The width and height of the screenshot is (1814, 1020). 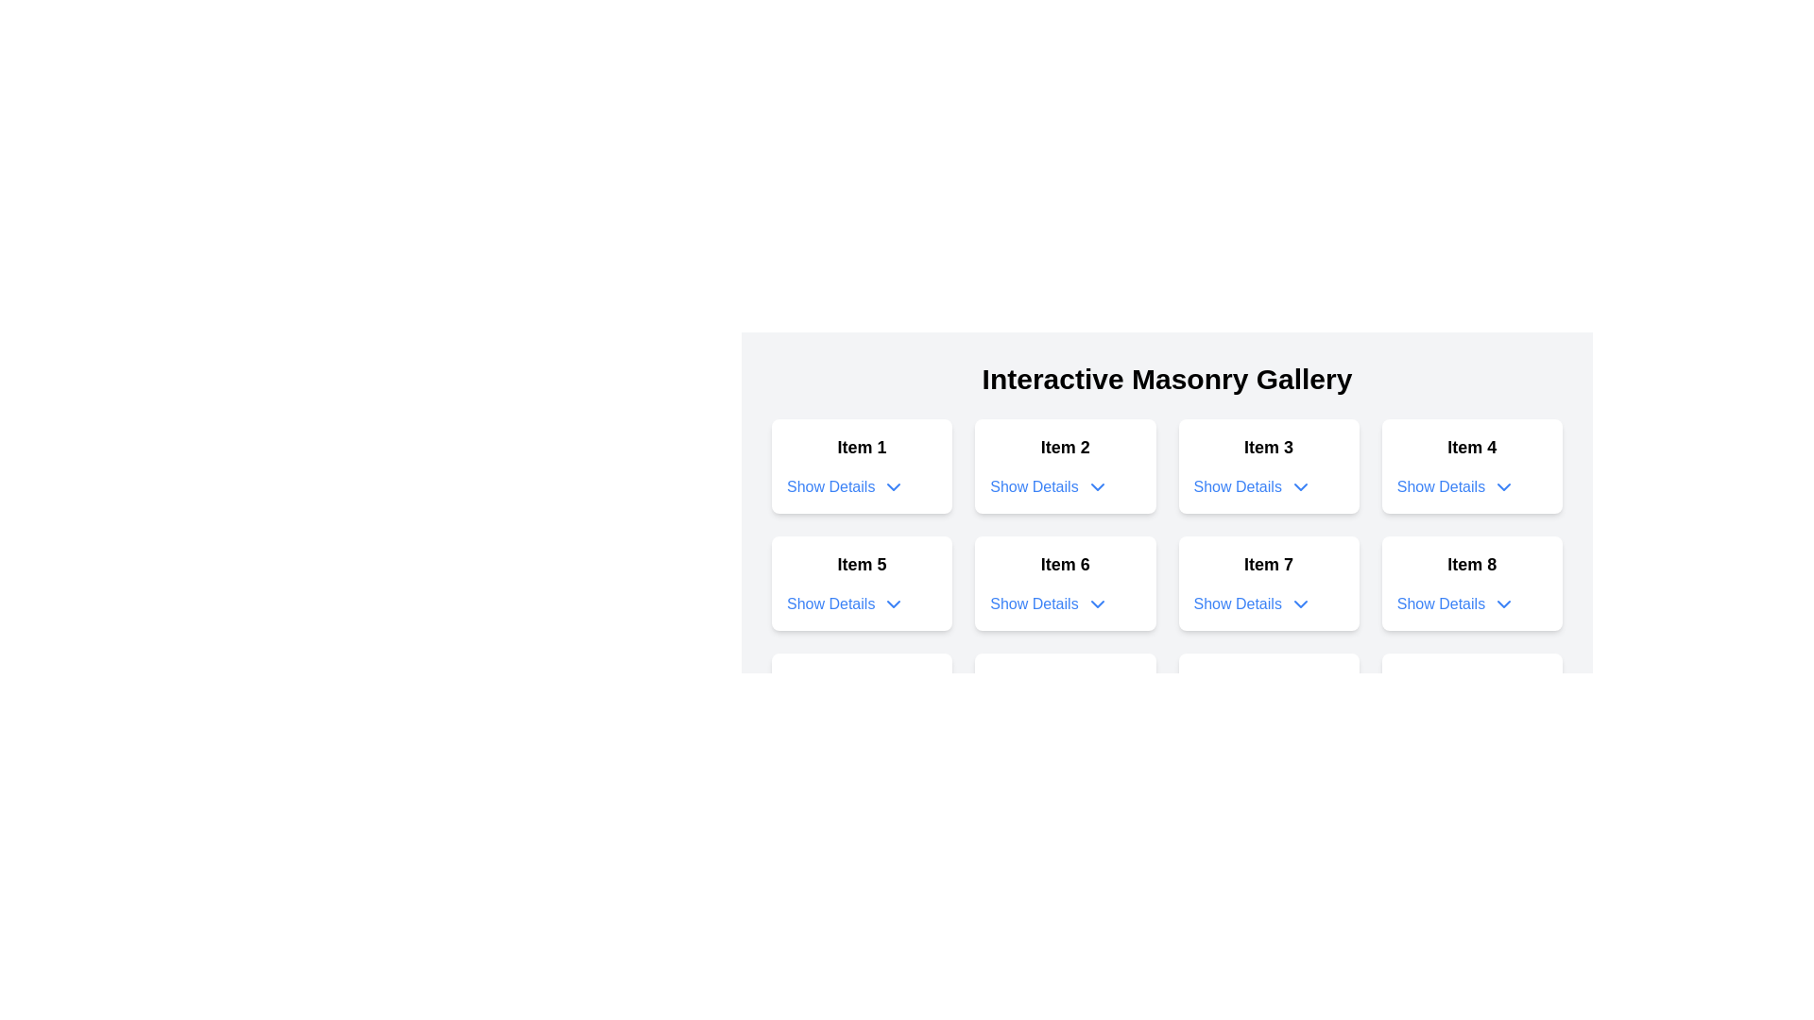 I want to click on the third 'Show Details' link in the grid, located below 'Item 3', so click(x=1238, y=486).